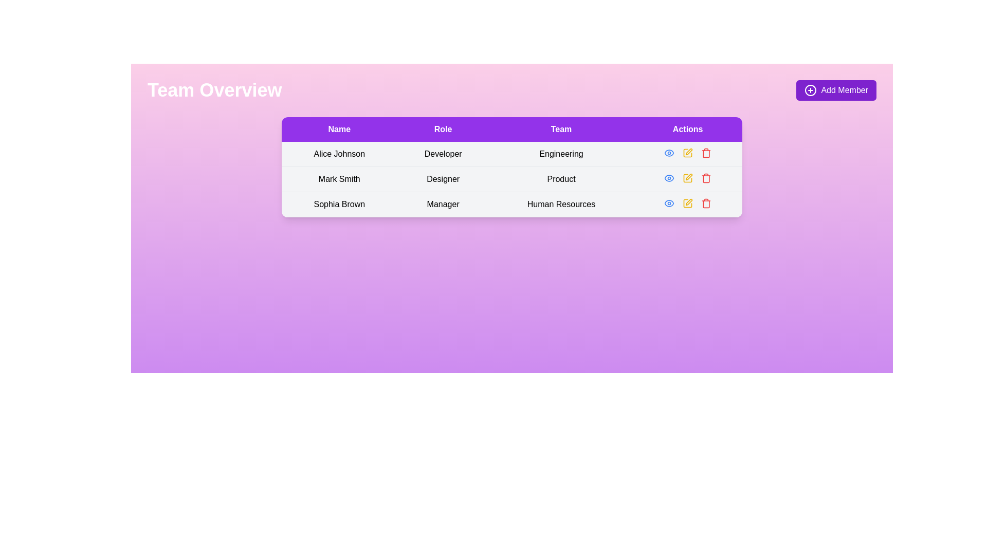  I want to click on the edit icon in the 'Actions' column for the entry corresponding to 'Mark Smith', so click(688, 153).